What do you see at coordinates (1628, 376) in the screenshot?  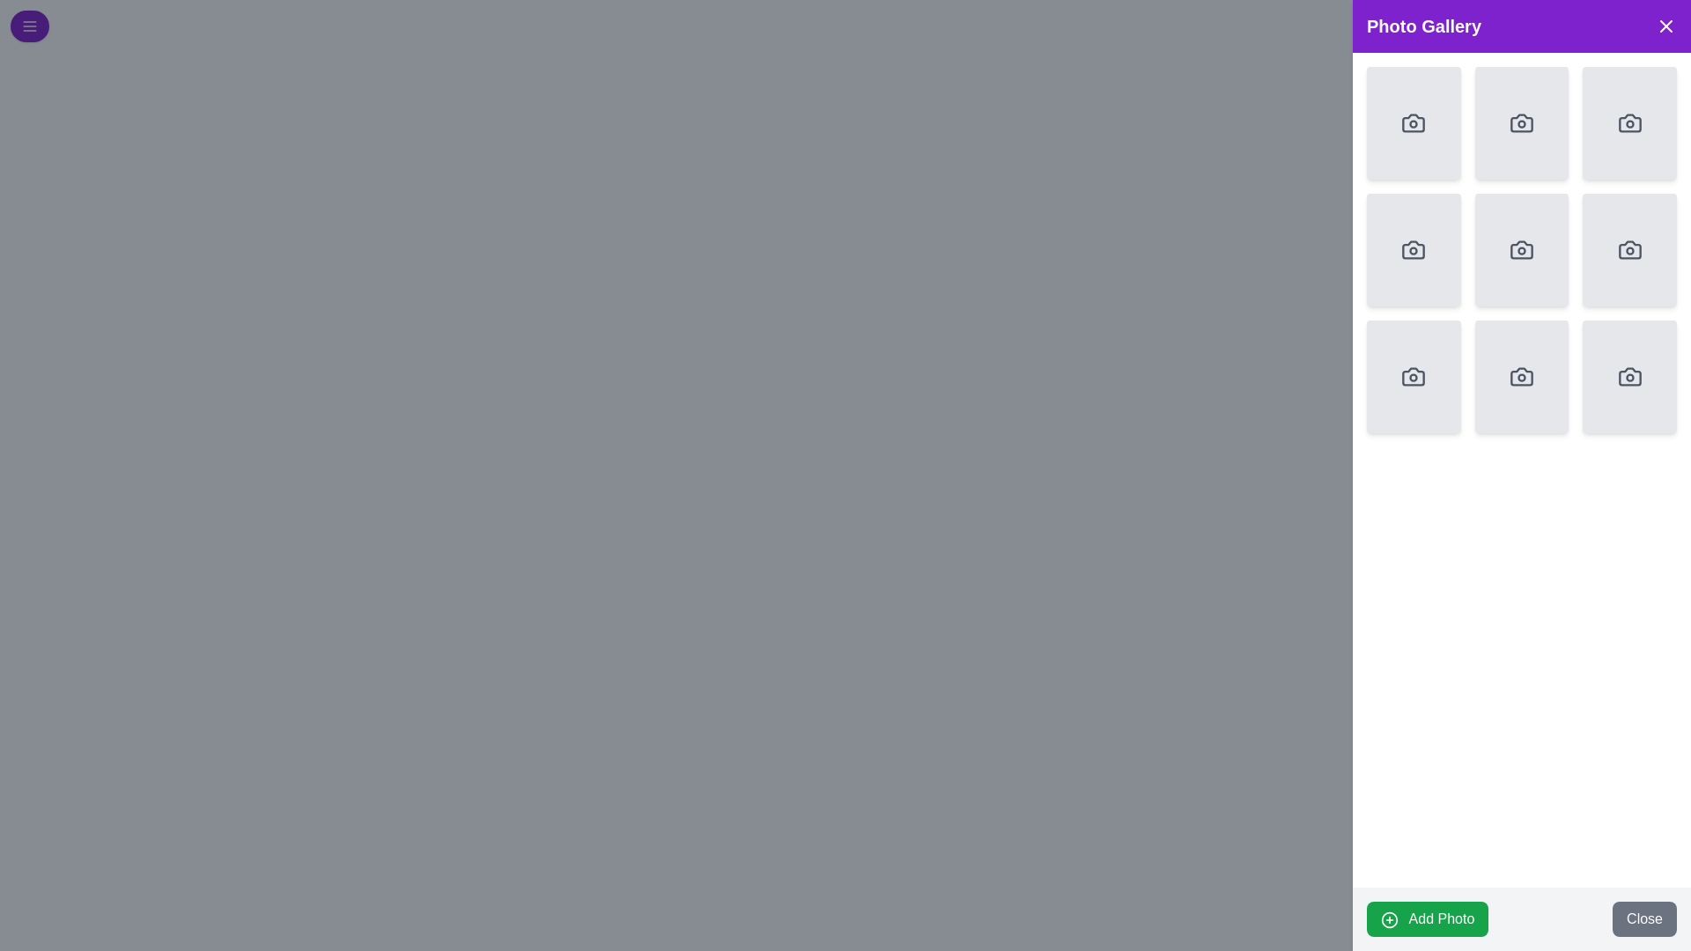 I see `the Interactive Image Placeholder, which is a square with a light gray background and a camera icon at its center, to upload a photo` at bounding box center [1628, 376].